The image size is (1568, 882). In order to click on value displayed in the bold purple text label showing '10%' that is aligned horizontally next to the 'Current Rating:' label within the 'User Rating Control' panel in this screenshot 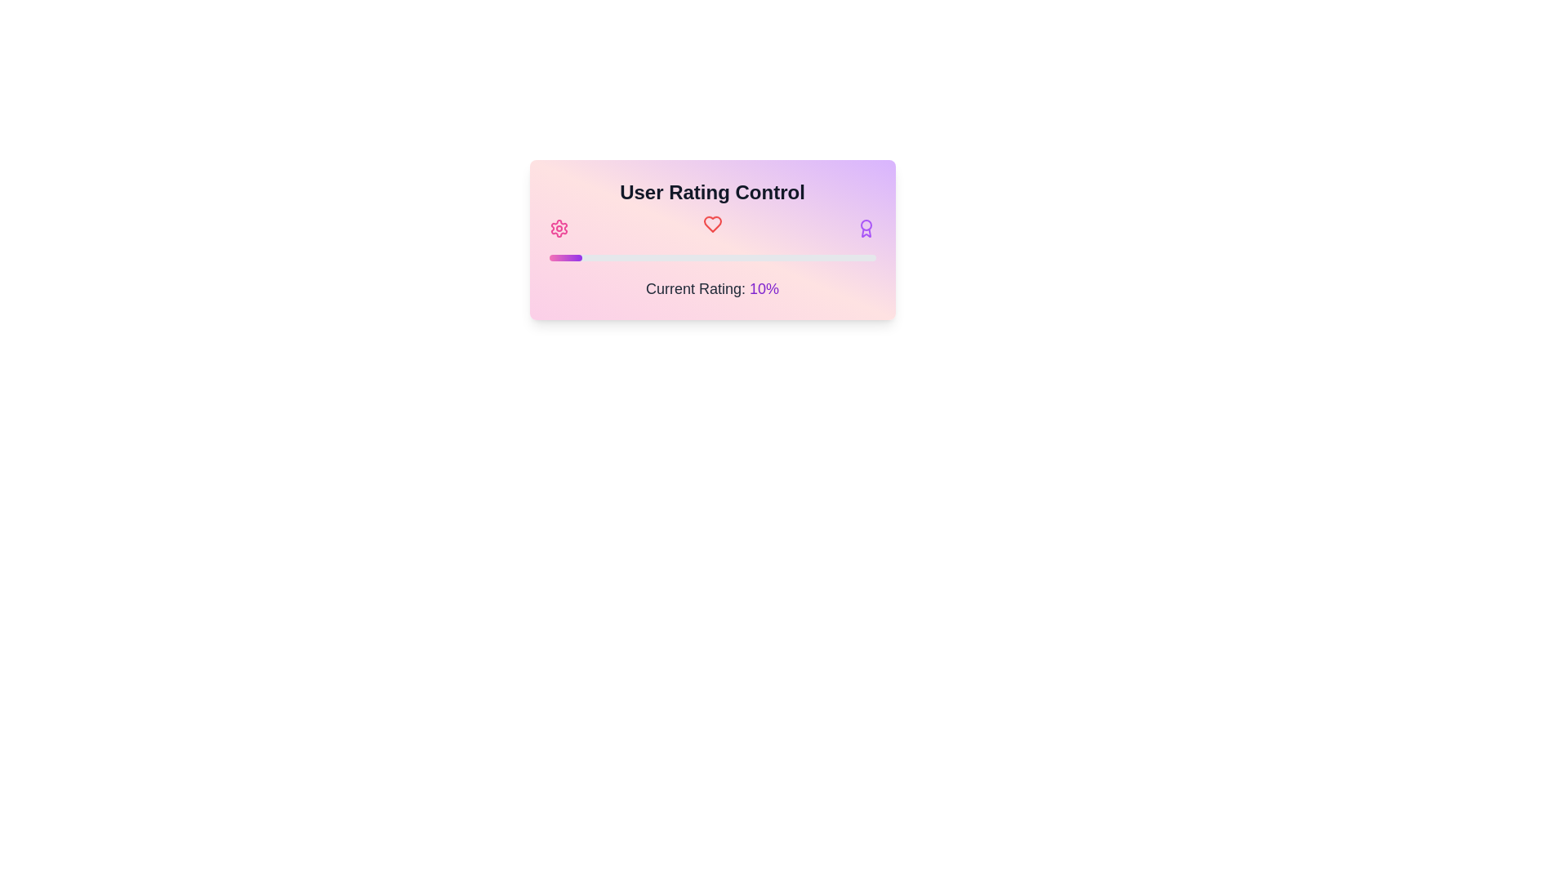, I will do `click(764, 288)`.